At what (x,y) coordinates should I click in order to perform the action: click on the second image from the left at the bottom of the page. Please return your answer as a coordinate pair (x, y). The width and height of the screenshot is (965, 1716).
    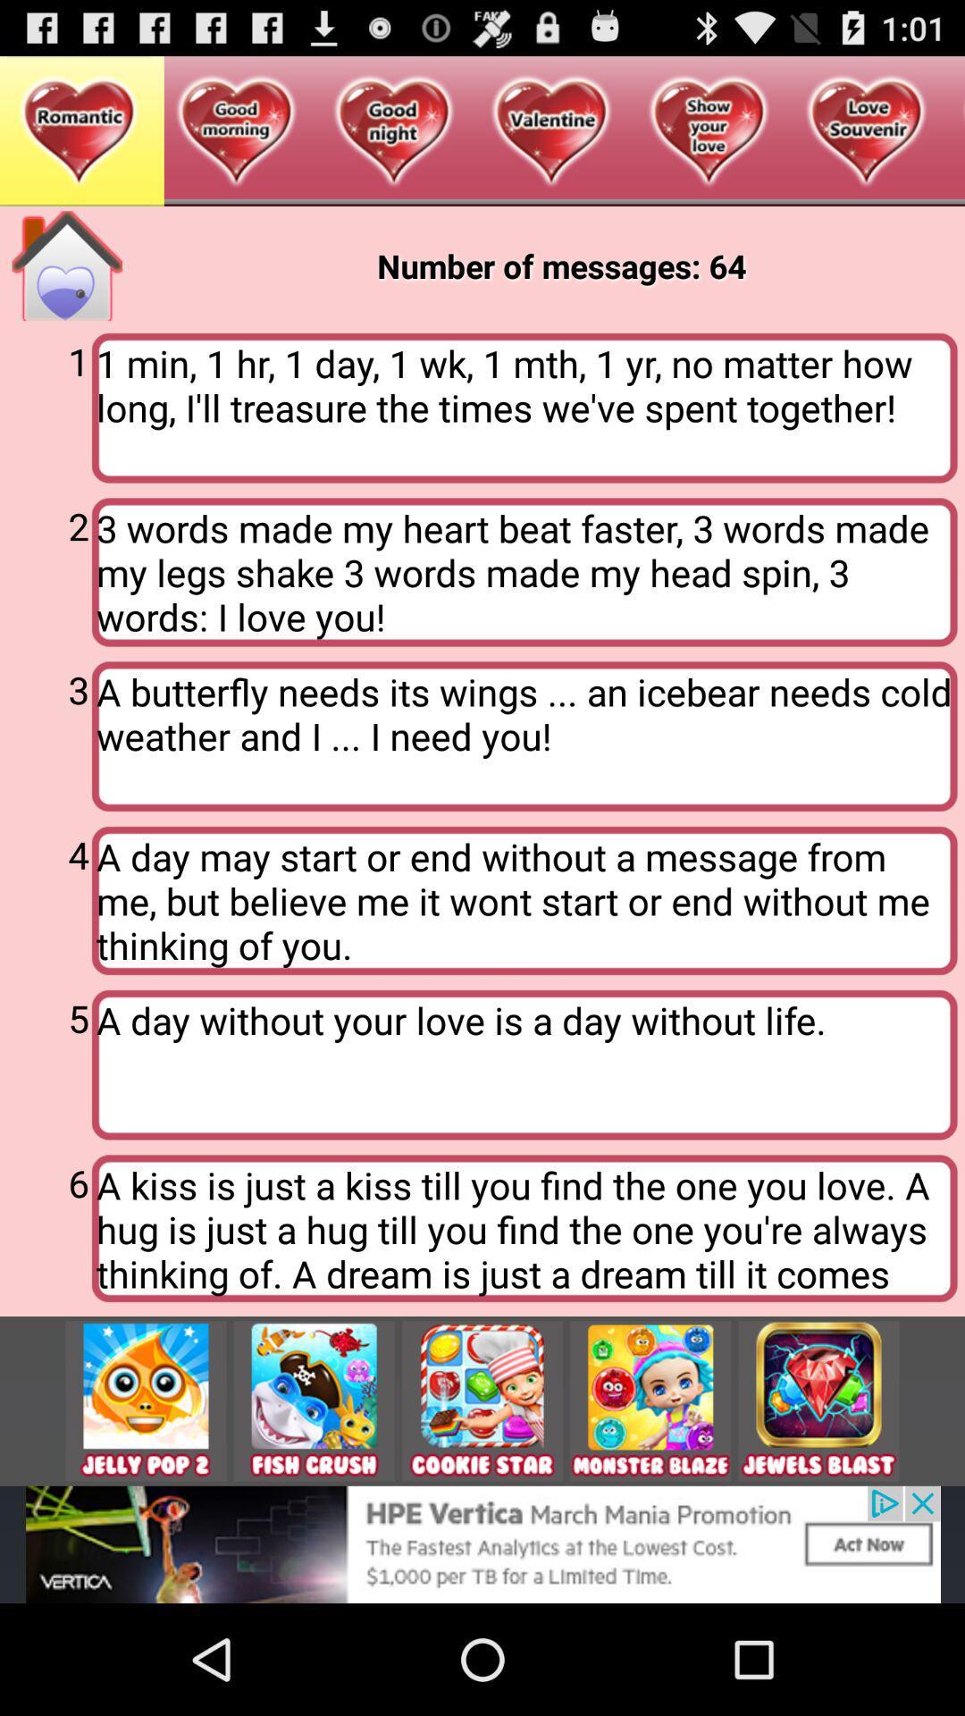
    Looking at the image, I should click on (313, 1401).